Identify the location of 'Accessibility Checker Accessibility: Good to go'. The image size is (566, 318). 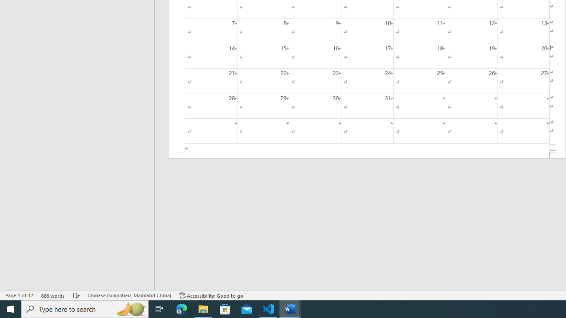
(211, 295).